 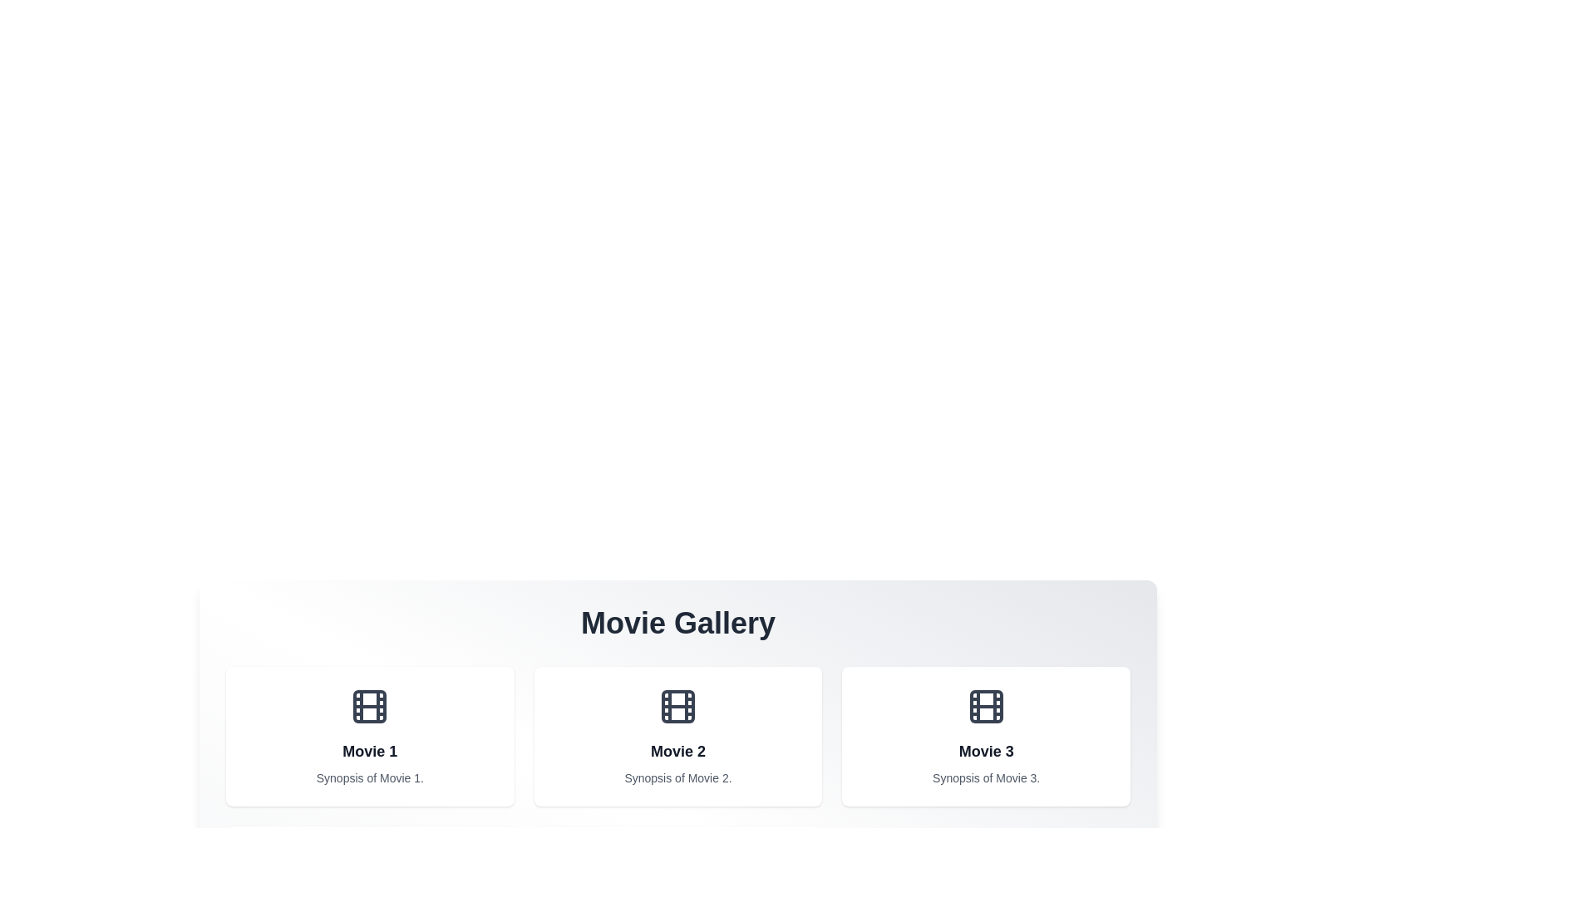 I want to click on the Decorative image icon resembling a film reel, located in the 'Movie 3' card, positioned at the top center above the title text, so click(x=986, y=706).